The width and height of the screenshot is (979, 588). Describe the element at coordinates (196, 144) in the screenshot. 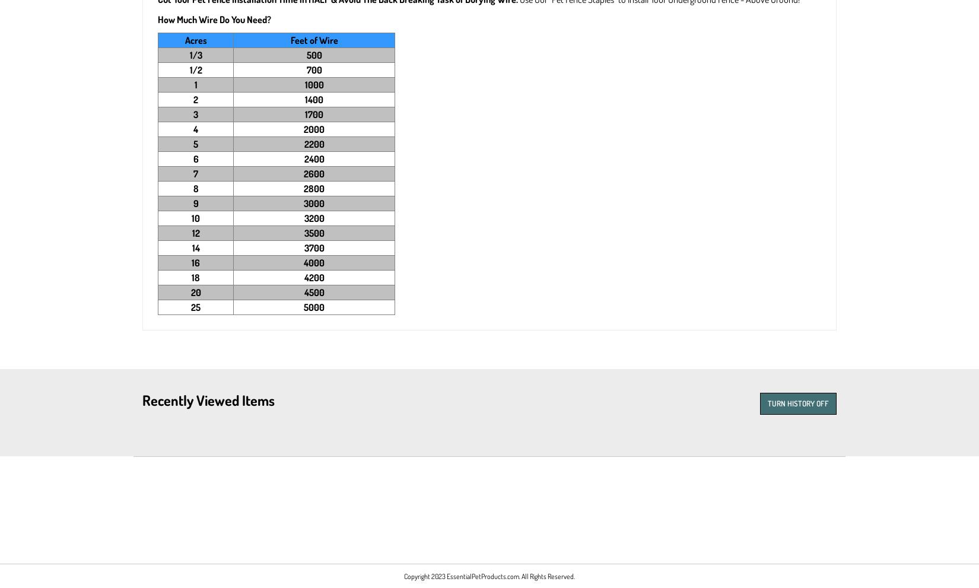

I see `'5'` at that location.